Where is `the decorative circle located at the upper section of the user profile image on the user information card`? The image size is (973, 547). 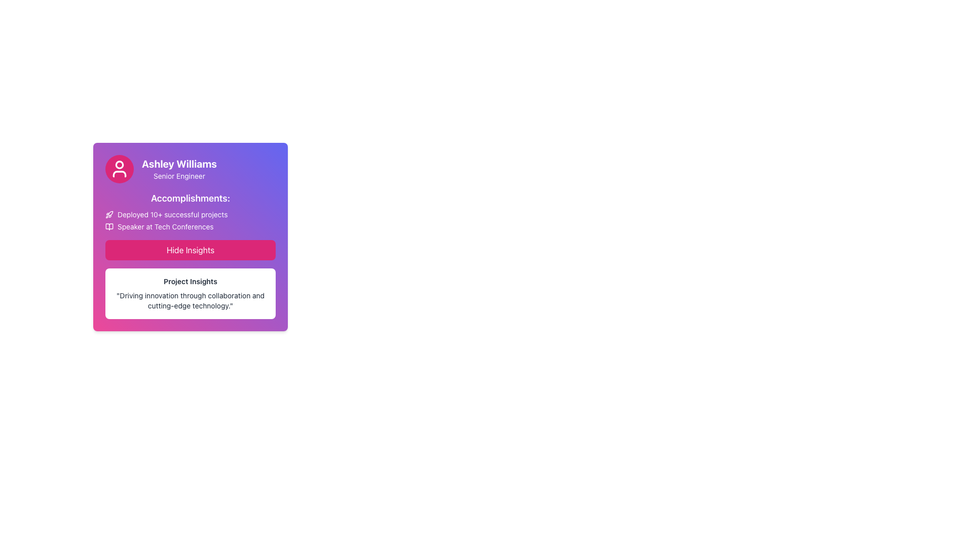
the decorative circle located at the upper section of the user profile image on the user information card is located at coordinates (119, 164).